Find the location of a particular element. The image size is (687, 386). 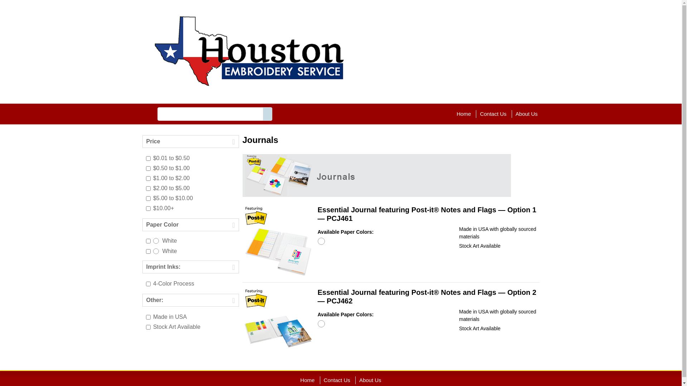

'Home' is located at coordinates (464, 113).